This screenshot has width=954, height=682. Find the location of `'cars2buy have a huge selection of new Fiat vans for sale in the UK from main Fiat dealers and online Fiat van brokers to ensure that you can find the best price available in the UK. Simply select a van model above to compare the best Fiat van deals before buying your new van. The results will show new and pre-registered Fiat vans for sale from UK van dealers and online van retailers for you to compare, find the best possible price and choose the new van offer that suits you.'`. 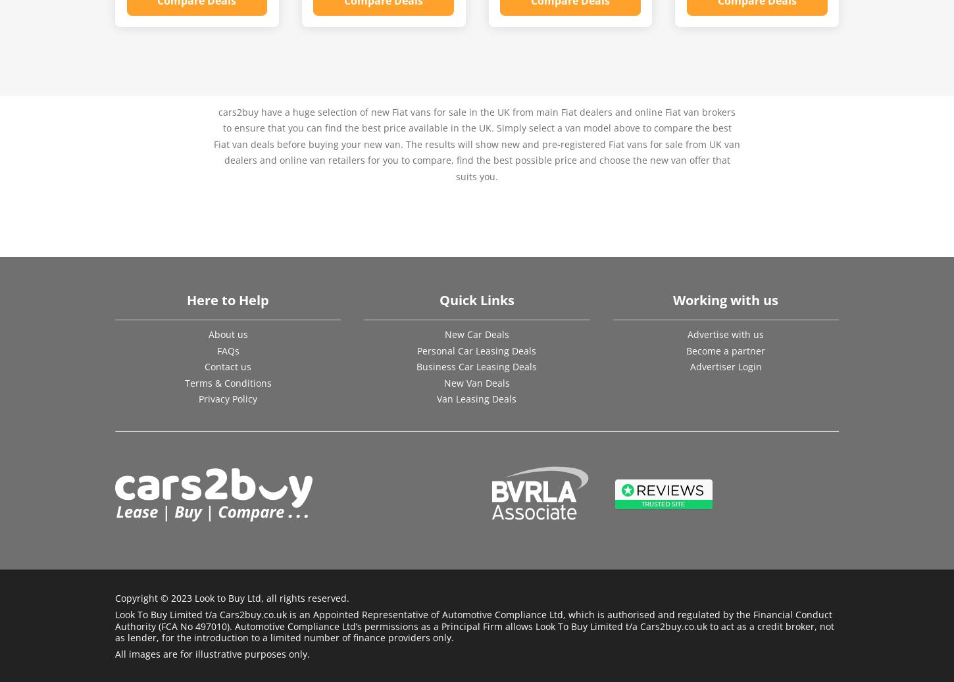

'cars2buy have a huge selection of new Fiat vans for sale in the UK from main Fiat dealers and online Fiat van brokers to ensure that you can find the best price available in the UK. Simply select a van model above to compare the best Fiat van deals before buying your new van. The results will show new and pre-registered Fiat vans for sale from UK van dealers and online van retailers for you to compare, find the best possible price and choose the new van offer that suits you.' is located at coordinates (477, 143).